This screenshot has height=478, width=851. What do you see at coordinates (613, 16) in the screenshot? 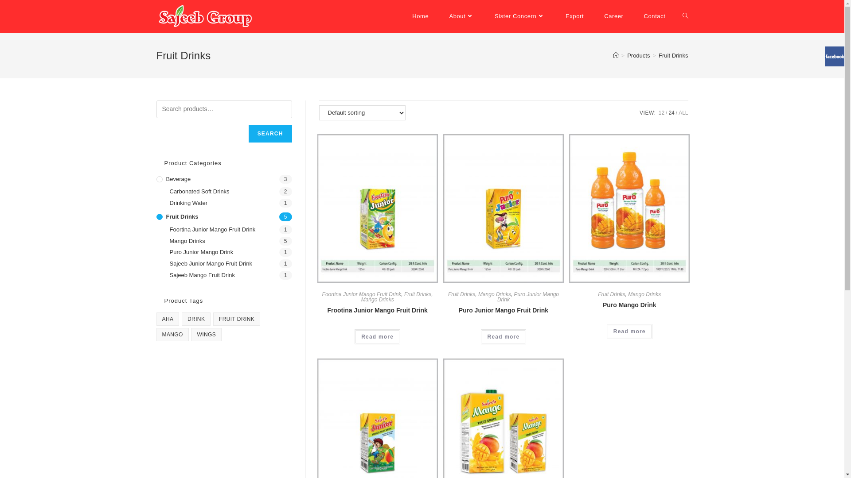
I see `'Career'` at bounding box center [613, 16].